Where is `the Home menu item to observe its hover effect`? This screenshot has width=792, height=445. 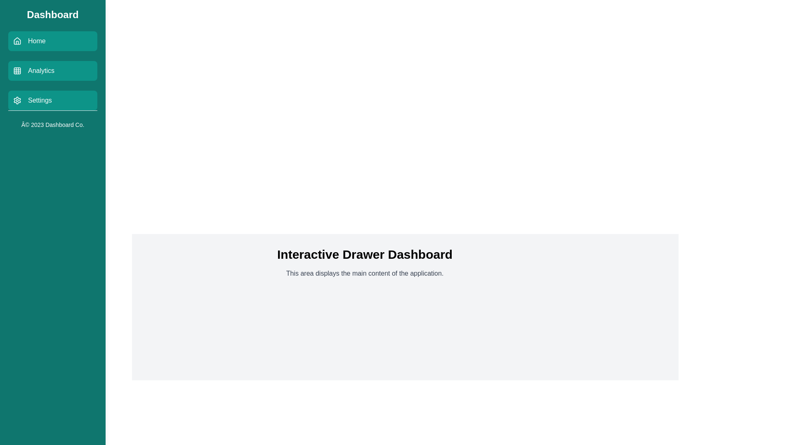 the Home menu item to observe its hover effect is located at coordinates (52, 41).